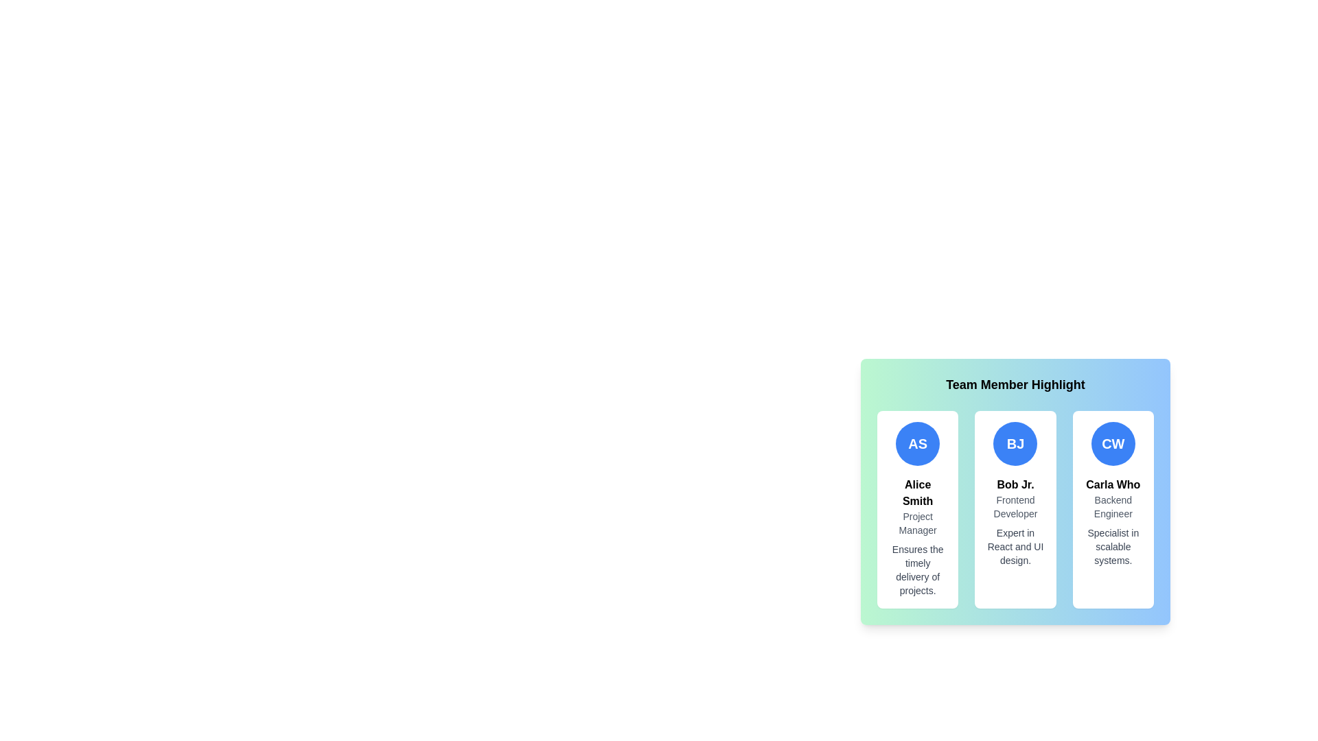 The width and height of the screenshot is (1318, 741). What do you see at coordinates (918, 444) in the screenshot?
I see `the Avatar or User Initial Identifier located at the top of the leftmost card, which visually represents a user's initials when a profile picture is unavailable` at bounding box center [918, 444].